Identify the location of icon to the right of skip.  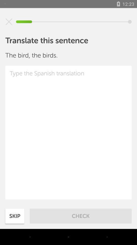
(81, 216).